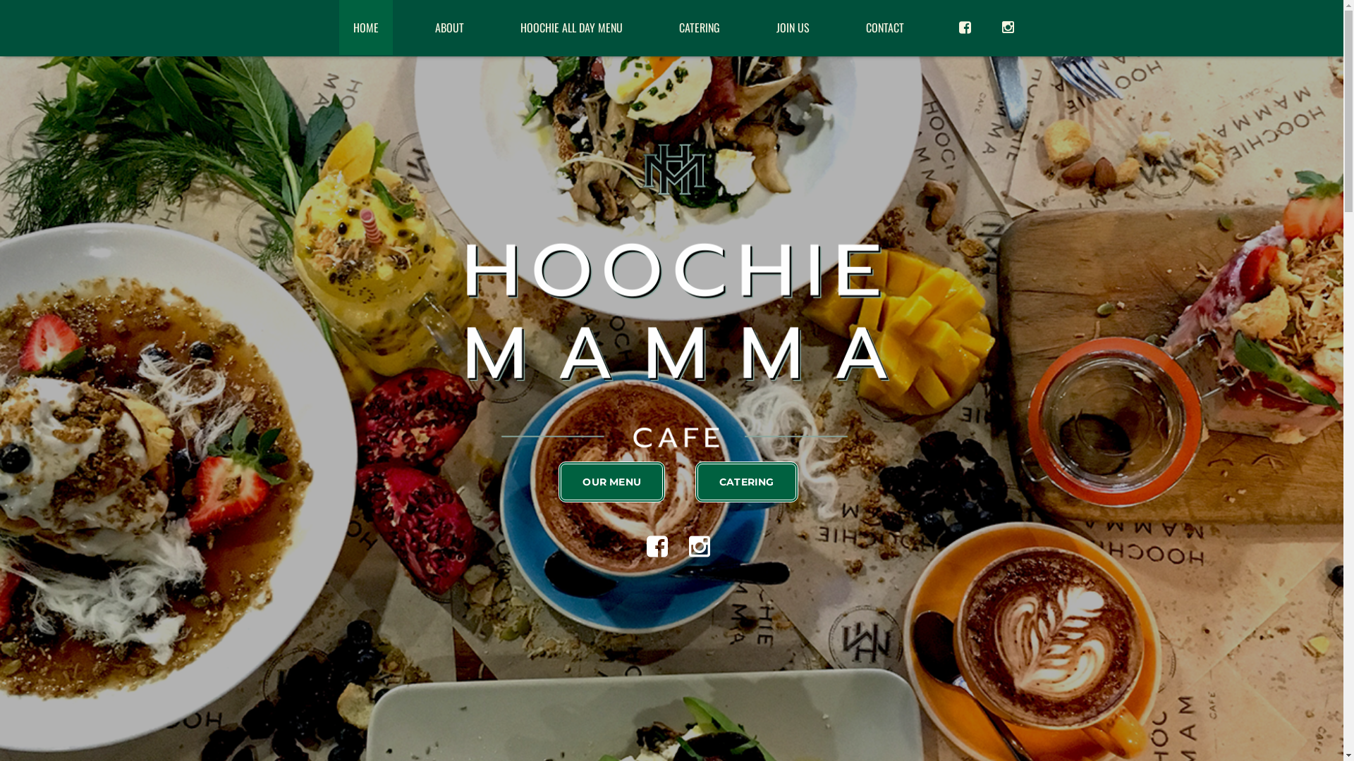 The width and height of the screenshot is (1354, 761). I want to click on 'CATERING', so click(698, 27).